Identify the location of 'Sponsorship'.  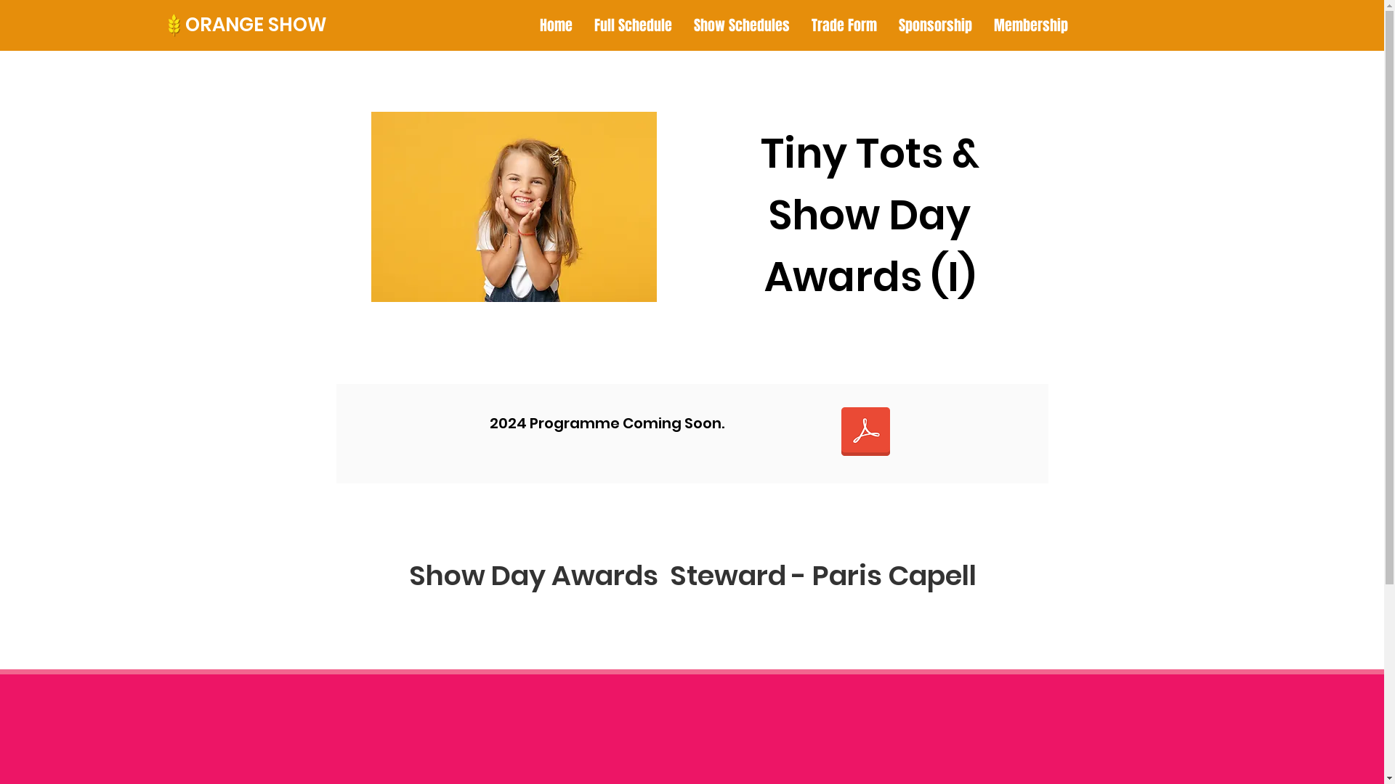
(887, 25).